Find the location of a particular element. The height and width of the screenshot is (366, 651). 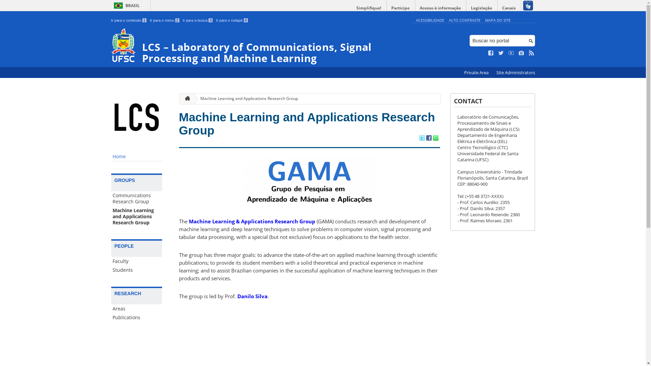

'ACESSIBILIDADE' is located at coordinates (429, 20).